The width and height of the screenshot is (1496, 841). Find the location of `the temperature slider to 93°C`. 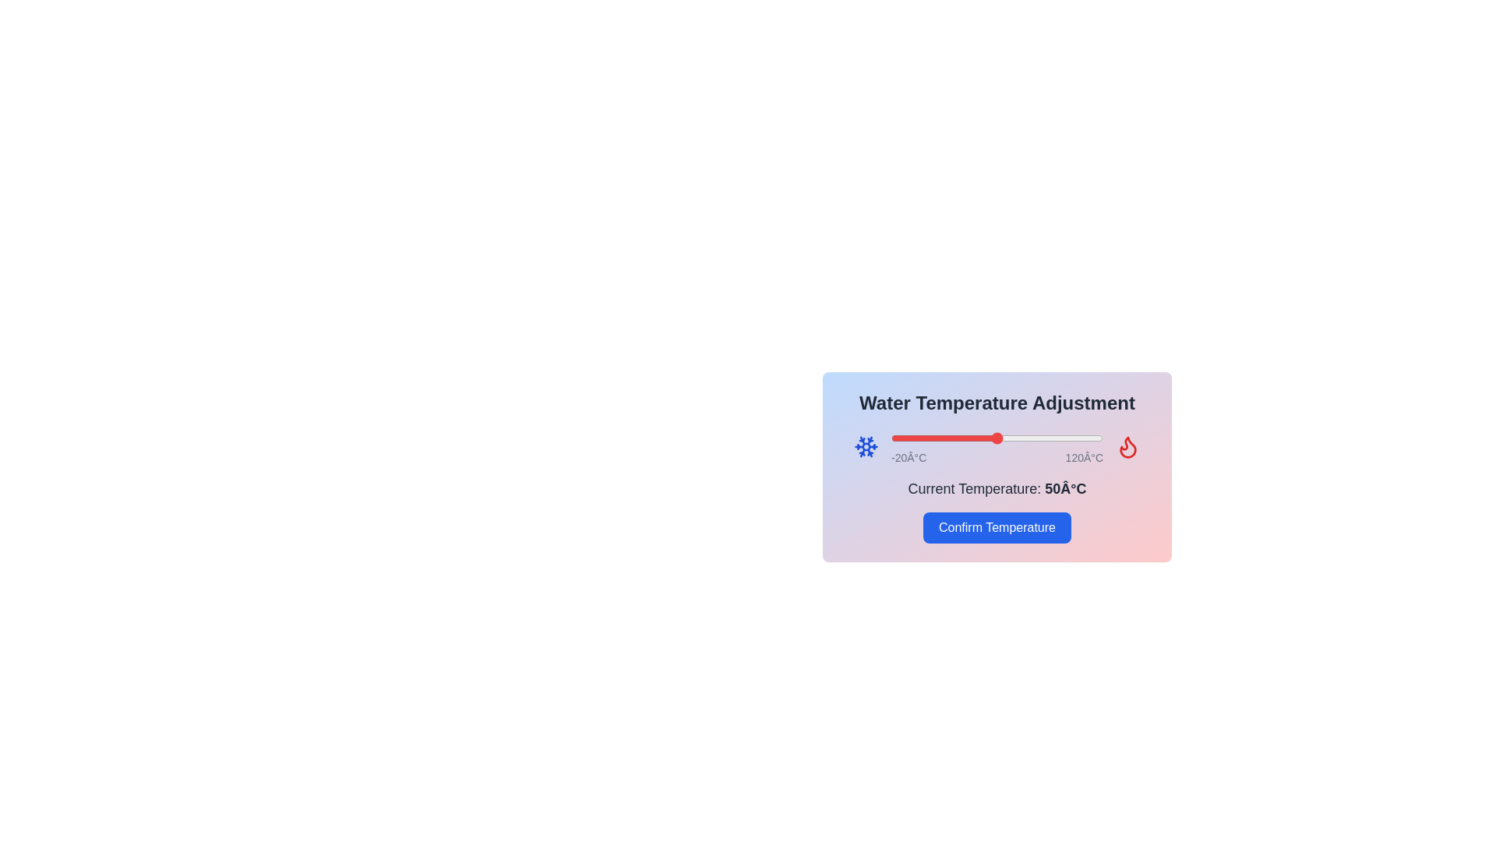

the temperature slider to 93°C is located at coordinates (1061, 438).